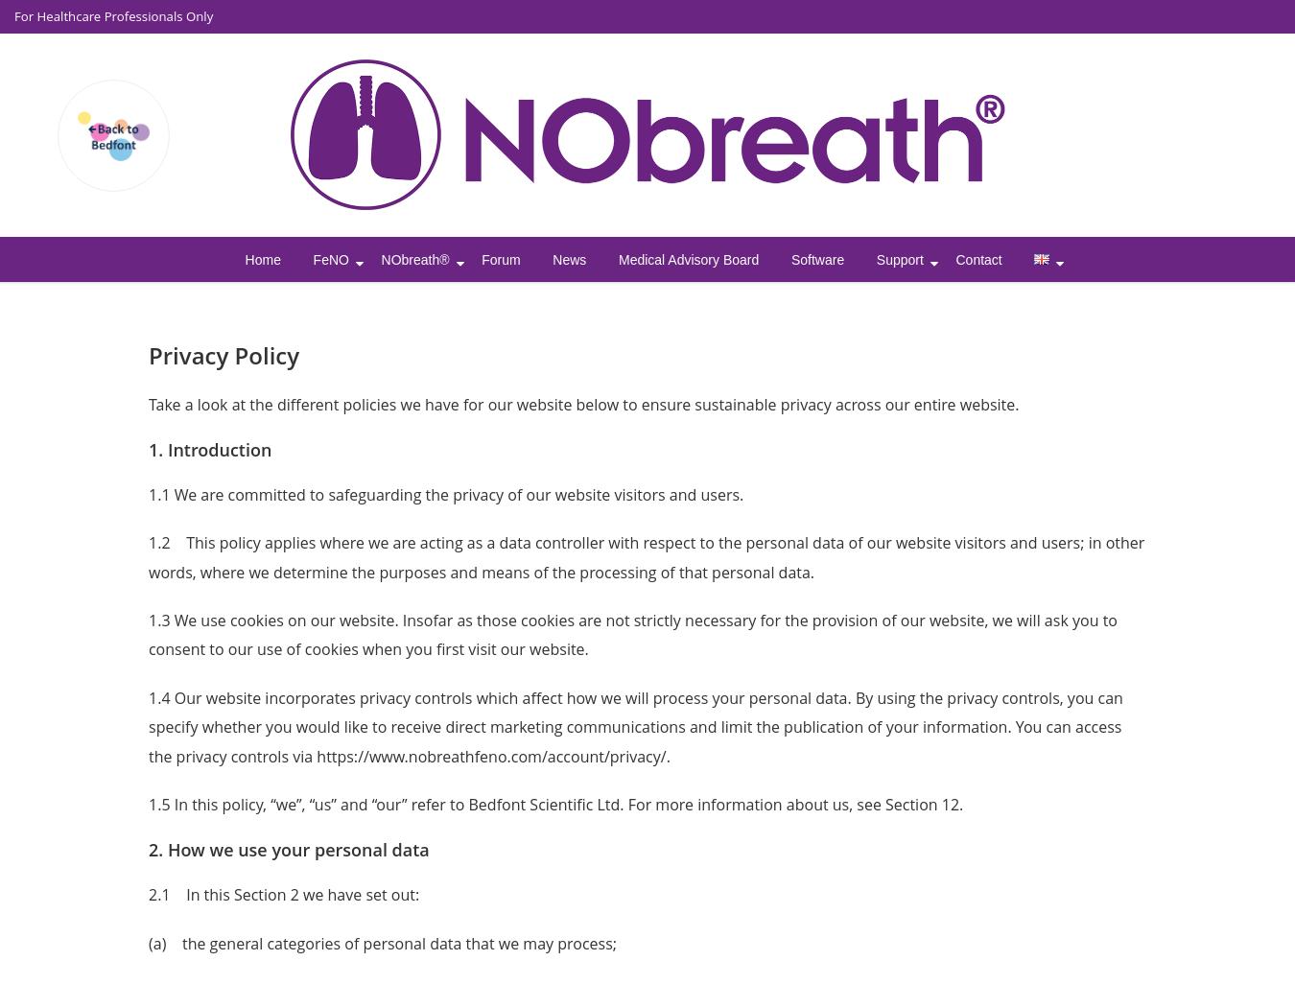 The width and height of the screenshot is (1295, 984). What do you see at coordinates (113, 16) in the screenshot?
I see `'For Healthcare Professionals Only'` at bounding box center [113, 16].